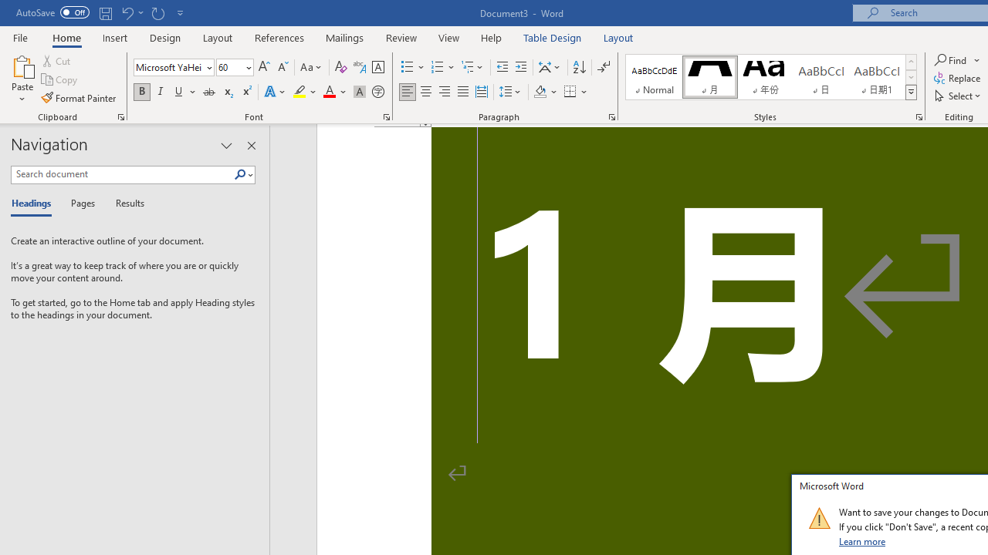 The height and width of the screenshot is (555, 988). I want to click on 'Character Shading', so click(358, 92).